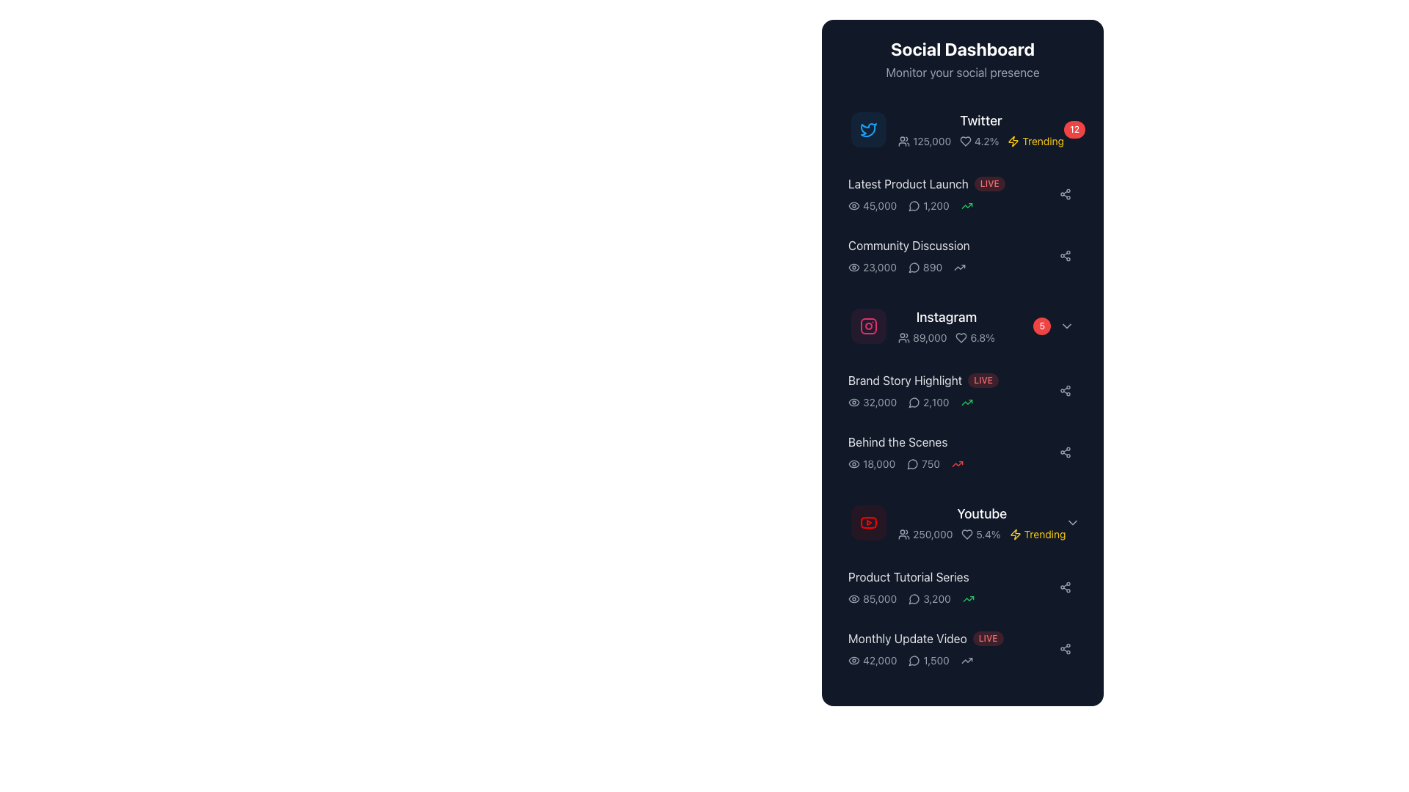 Image resolution: width=1409 pixels, height=792 pixels. I want to click on the topmost item in the vertical list of the Social Dashboard that displays consolidated Twitter statistics, including user engagement levels and popularity trends, so click(962, 129).